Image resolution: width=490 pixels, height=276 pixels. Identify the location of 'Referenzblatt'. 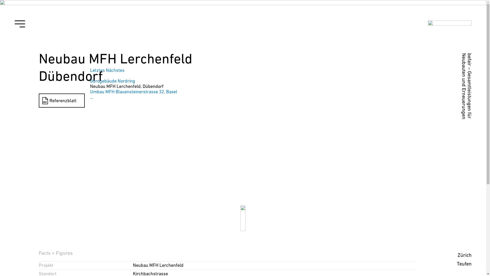
(61, 100).